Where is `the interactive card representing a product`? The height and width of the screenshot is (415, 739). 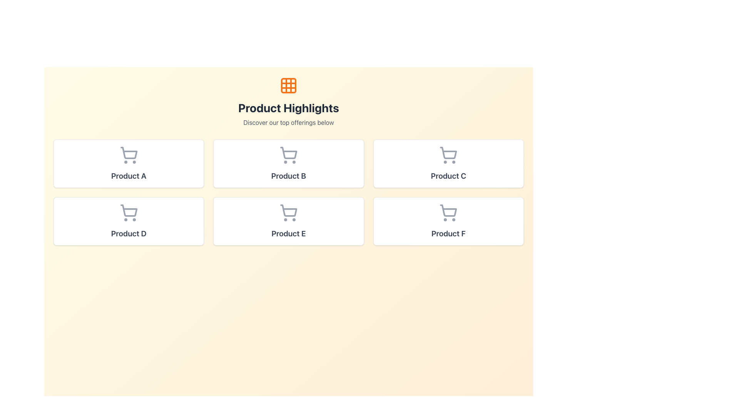 the interactive card representing a product is located at coordinates (448, 163).